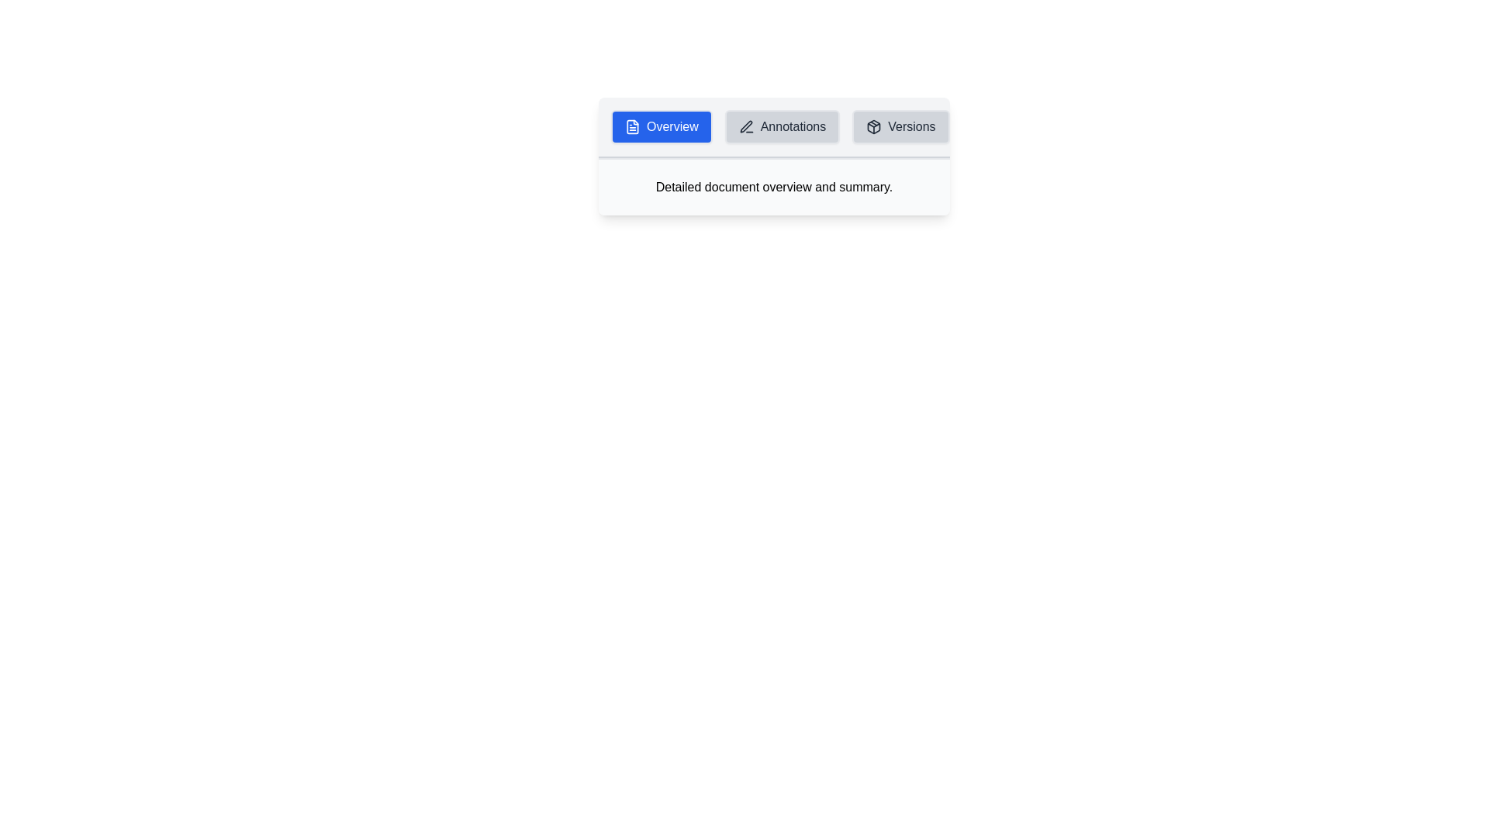 The width and height of the screenshot is (1489, 837). I want to click on the Overview tab to view its content, so click(662, 126).